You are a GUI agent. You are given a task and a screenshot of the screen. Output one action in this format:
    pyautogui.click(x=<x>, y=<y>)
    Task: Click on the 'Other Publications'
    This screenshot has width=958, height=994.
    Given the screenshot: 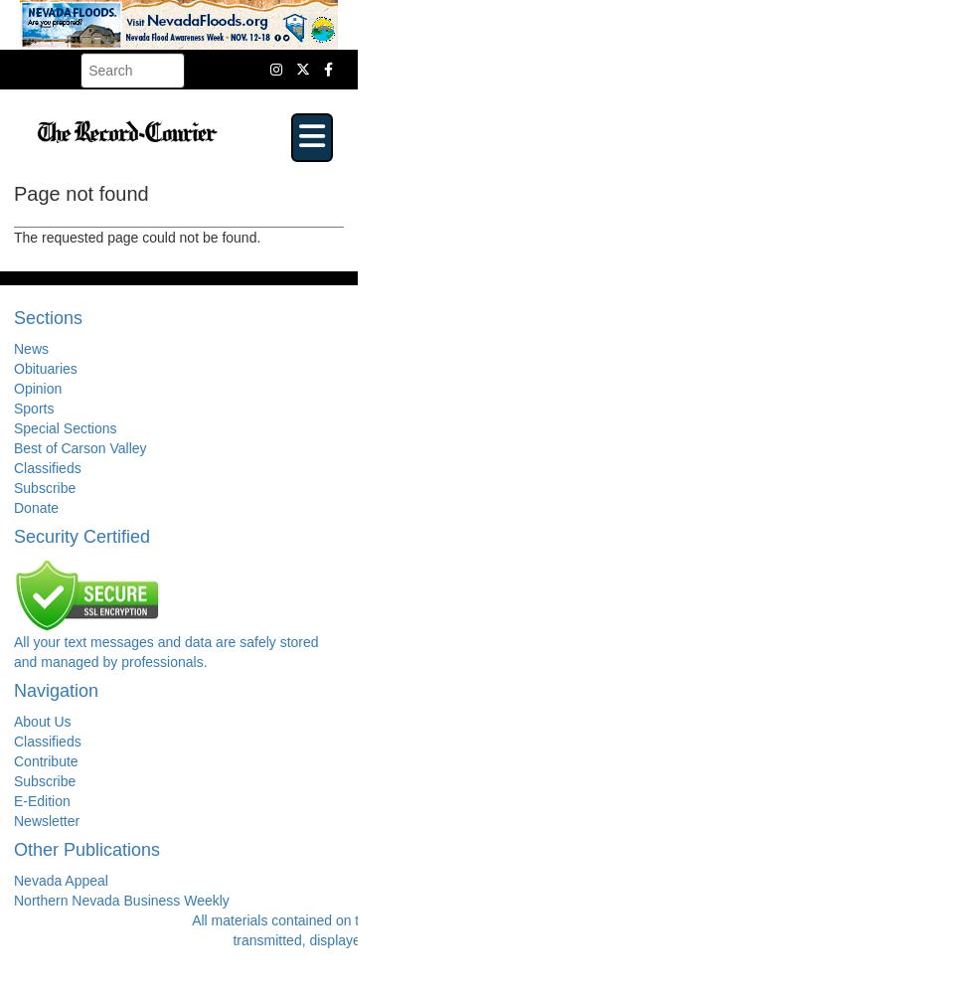 What is the action you would take?
    pyautogui.click(x=85, y=848)
    